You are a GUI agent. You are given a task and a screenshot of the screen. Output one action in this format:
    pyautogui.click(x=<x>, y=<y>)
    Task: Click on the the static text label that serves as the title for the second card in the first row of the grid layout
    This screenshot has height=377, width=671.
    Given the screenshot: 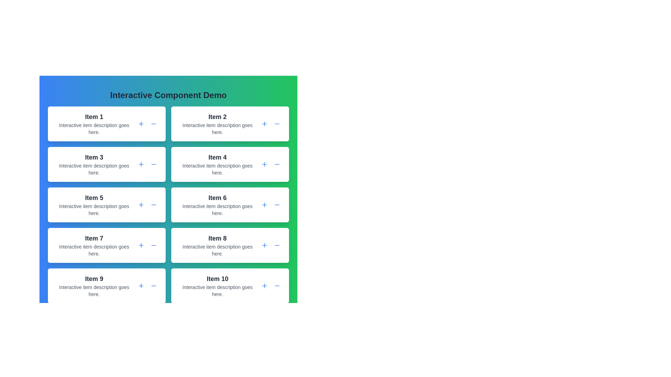 What is the action you would take?
    pyautogui.click(x=217, y=117)
    